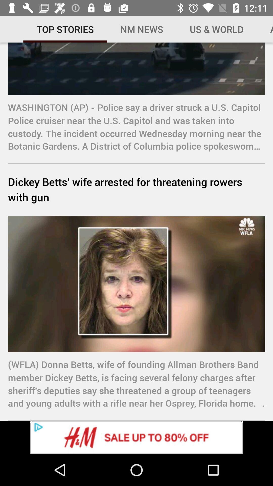  What do you see at coordinates (136, 437) in the screenshot?
I see `advertisement website` at bounding box center [136, 437].